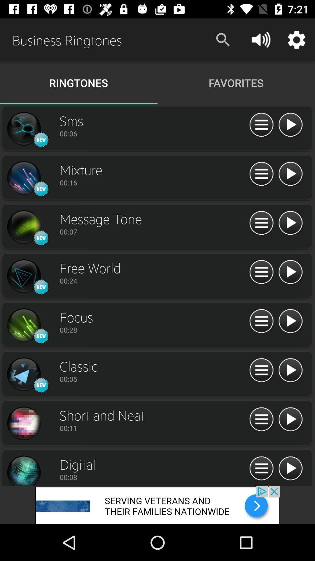 The width and height of the screenshot is (315, 561). I want to click on new icon next to mixture, so click(23, 178).